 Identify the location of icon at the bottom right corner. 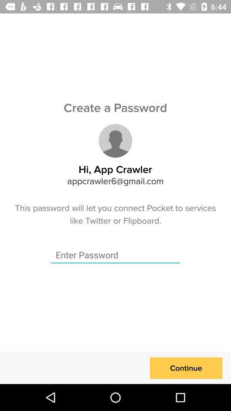
(186, 368).